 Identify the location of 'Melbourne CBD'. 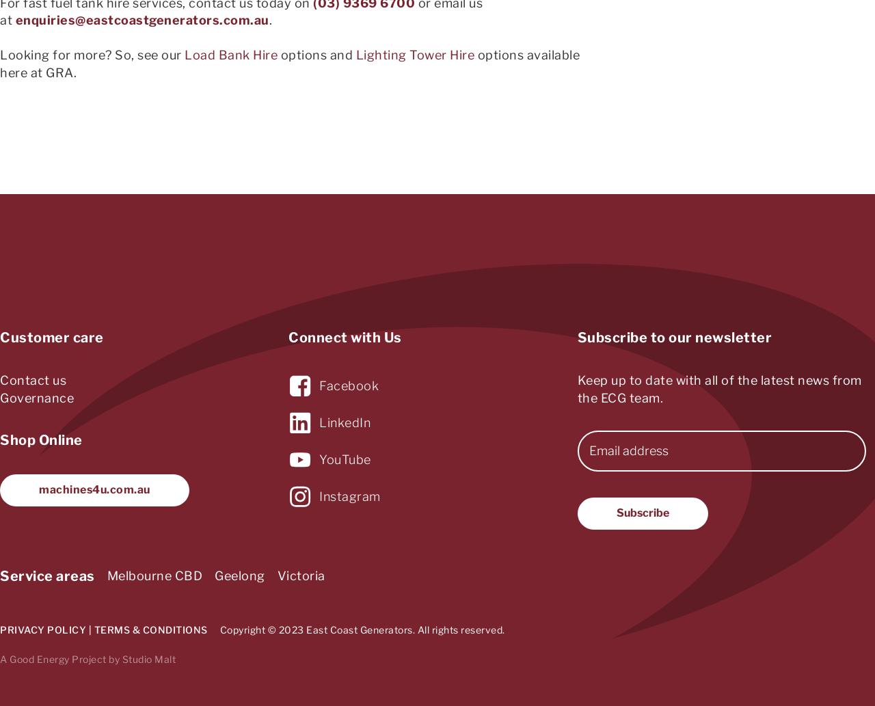
(154, 575).